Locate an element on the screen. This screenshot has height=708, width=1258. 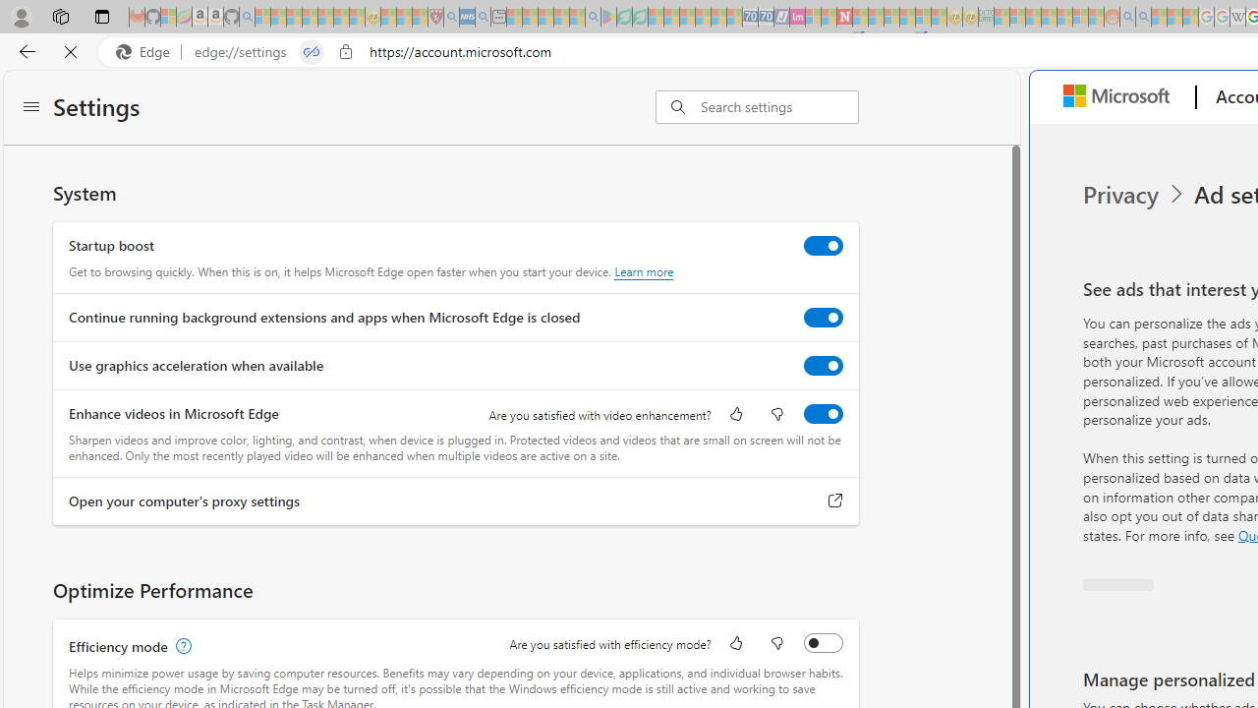
'14 Common Myths Debunked By Scientific Facts - Sleeping' is located at coordinates (875, 17).